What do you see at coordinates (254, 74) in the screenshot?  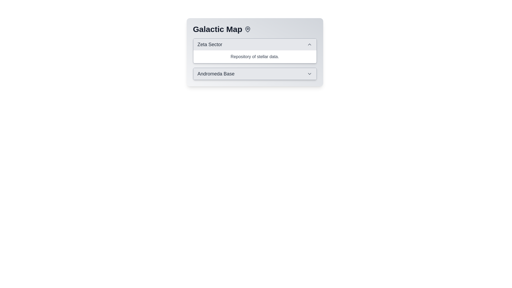 I see `the 'Andromeda Base' Dropdown menu located within the 'Galactic Map' panel to navigate through keyboard interactions` at bounding box center [254, 74].